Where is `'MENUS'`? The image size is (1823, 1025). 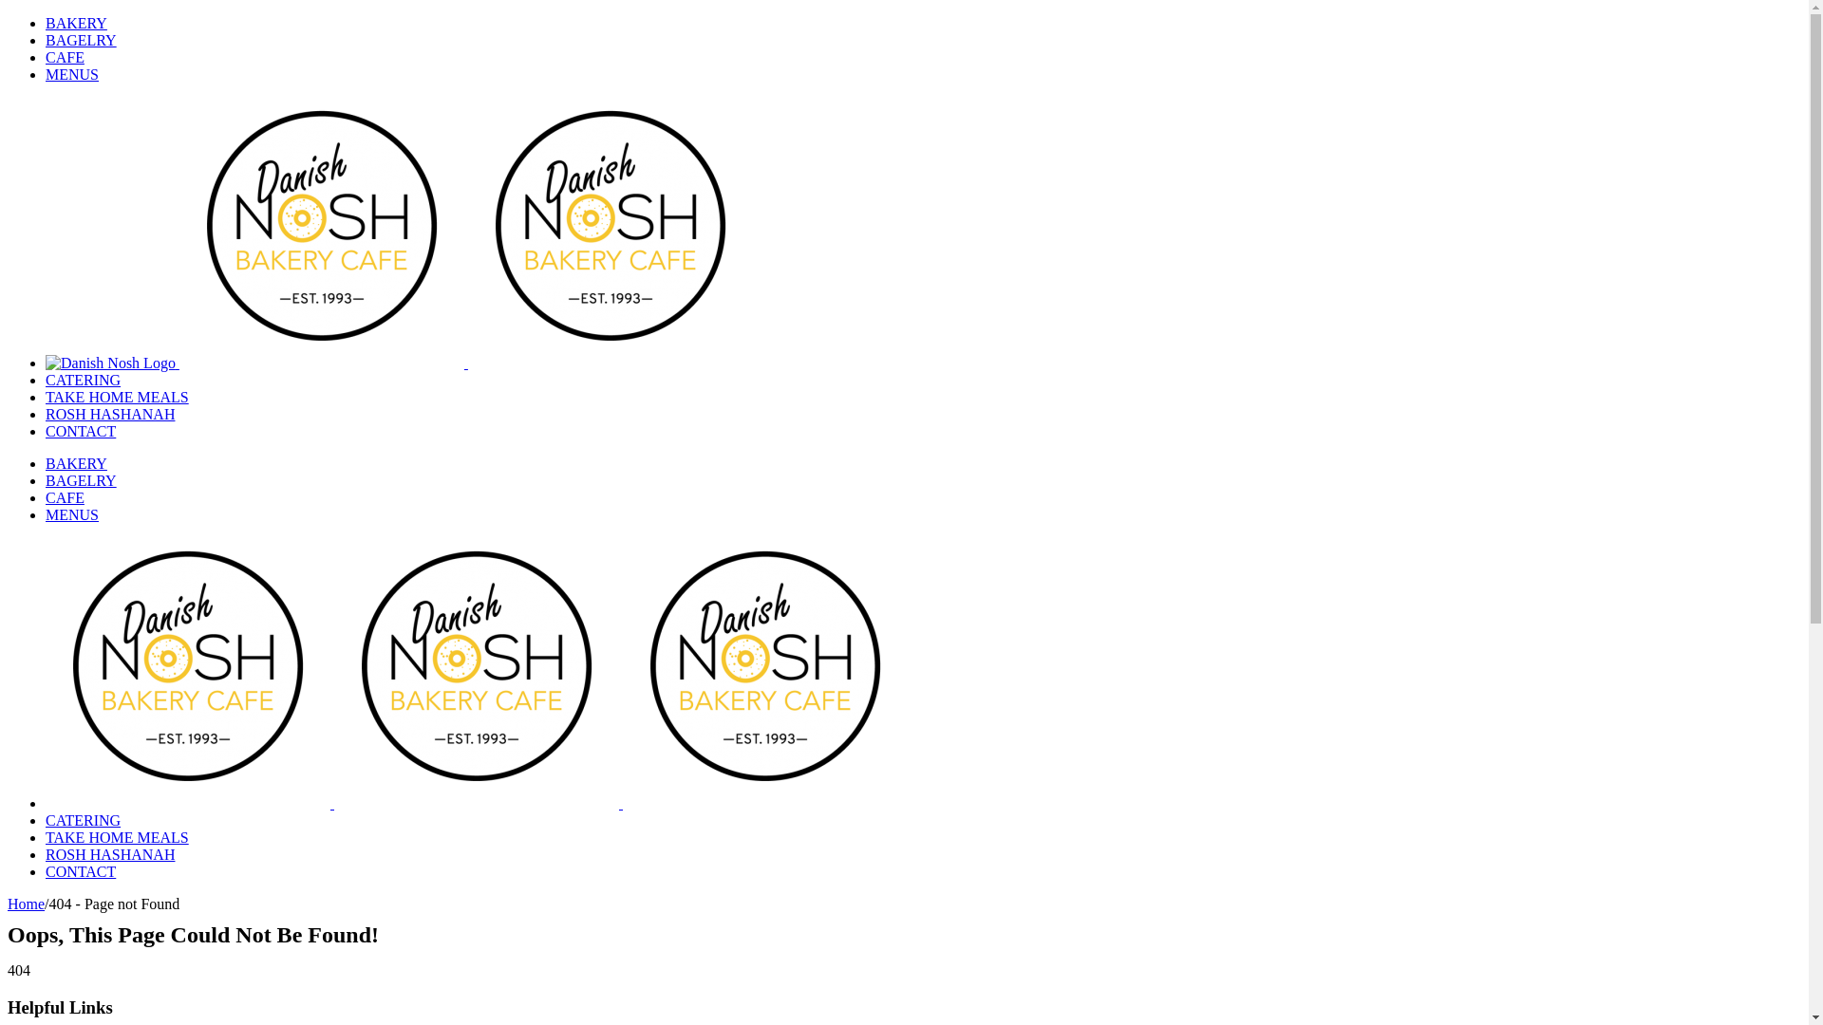 'MENUS' is located at coordinates (72, 73).